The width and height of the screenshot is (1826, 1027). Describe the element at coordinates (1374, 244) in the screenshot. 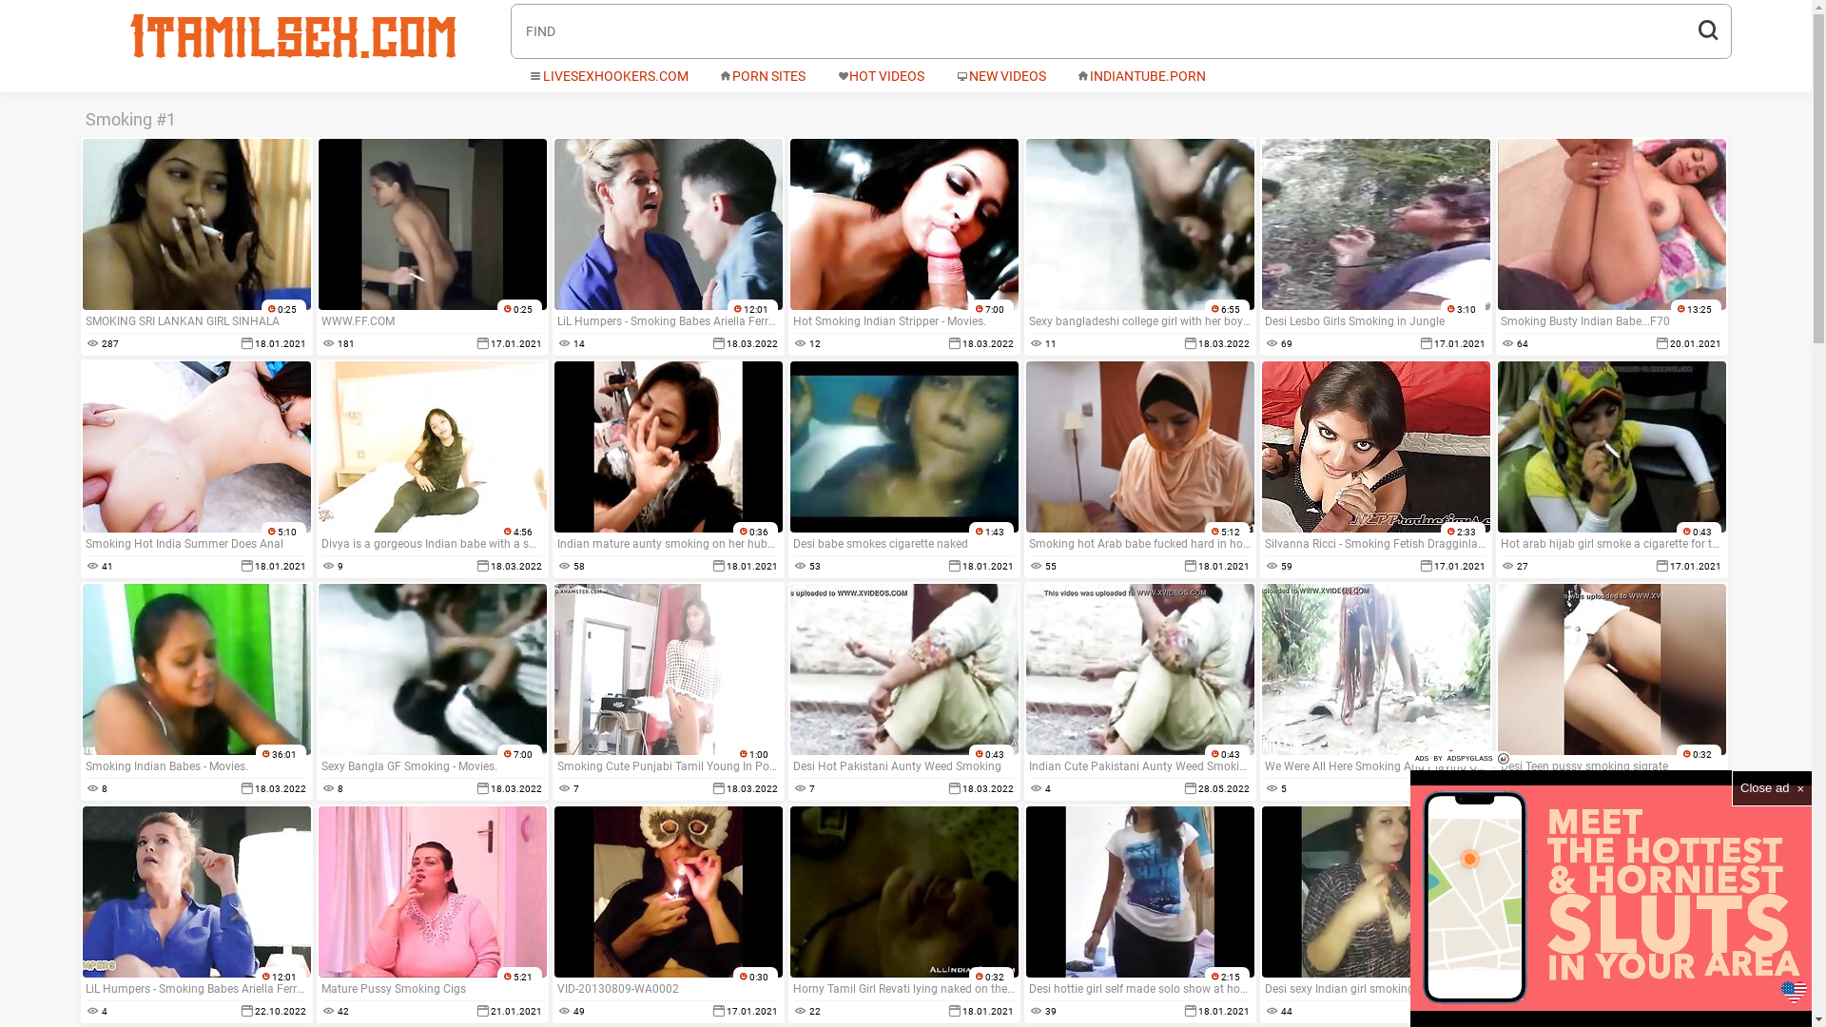

I see `'3:10` at that location.